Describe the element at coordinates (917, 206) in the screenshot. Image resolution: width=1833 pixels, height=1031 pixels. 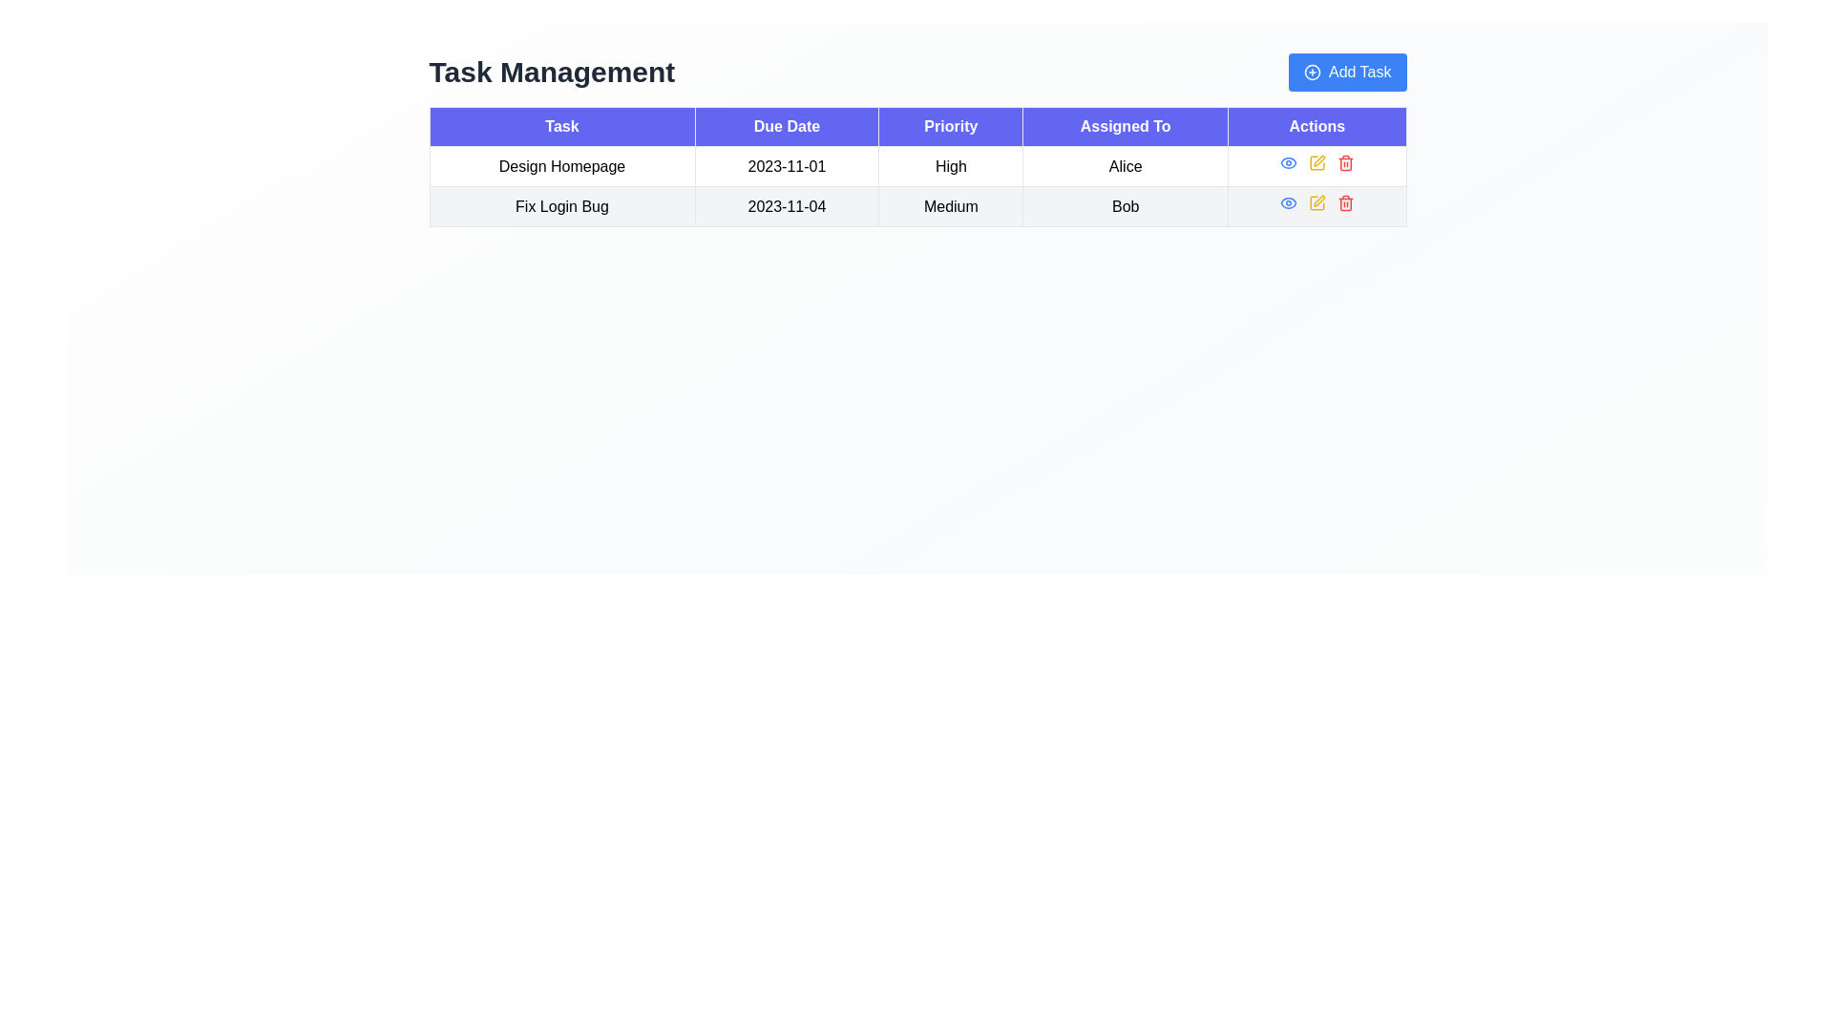
I see `individual cells in the task entry row located in the second row of the task management interface, which displays task details such as name, due date, priority, and assignee` at that location.